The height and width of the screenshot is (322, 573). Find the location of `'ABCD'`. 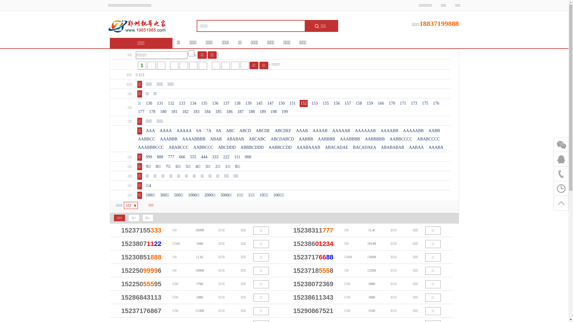

'ABCD' is located at coordinates (245, 131).